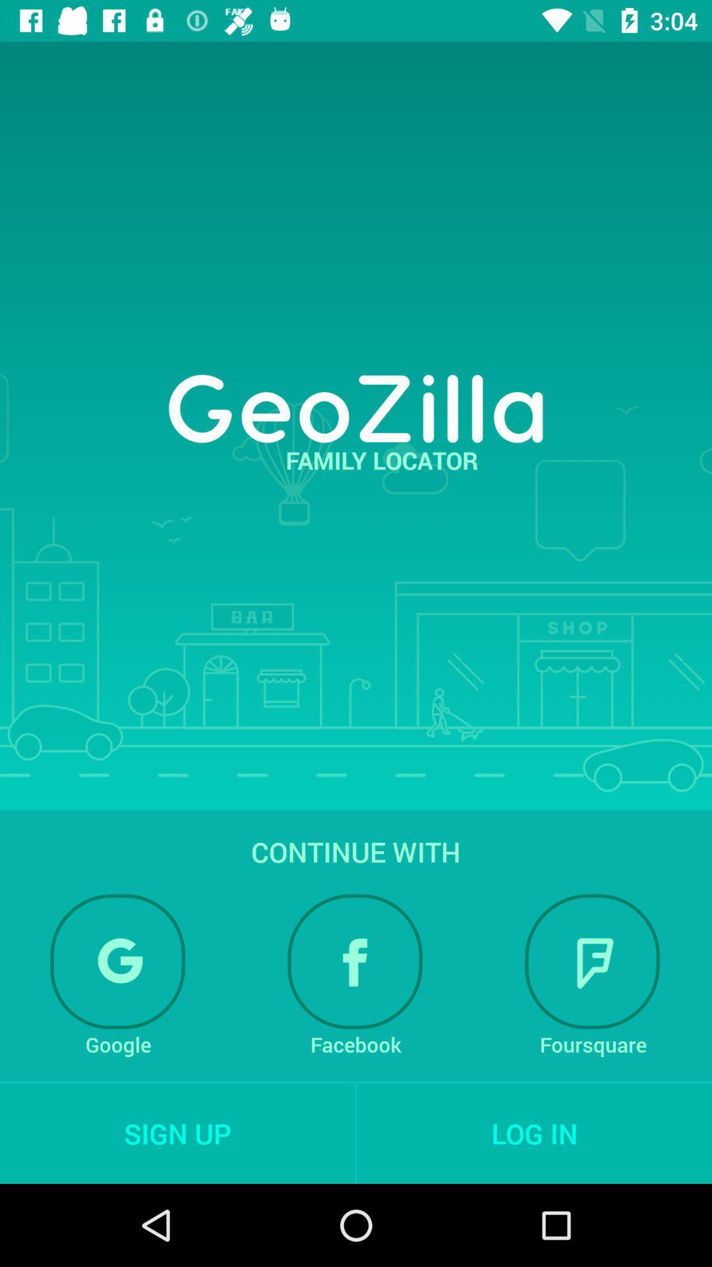 Image resolution: width=712 pixels, height=1267 pixels. Describe the element at coordinates (117, 961) in the screenshot. I see `connect on google` at that location.